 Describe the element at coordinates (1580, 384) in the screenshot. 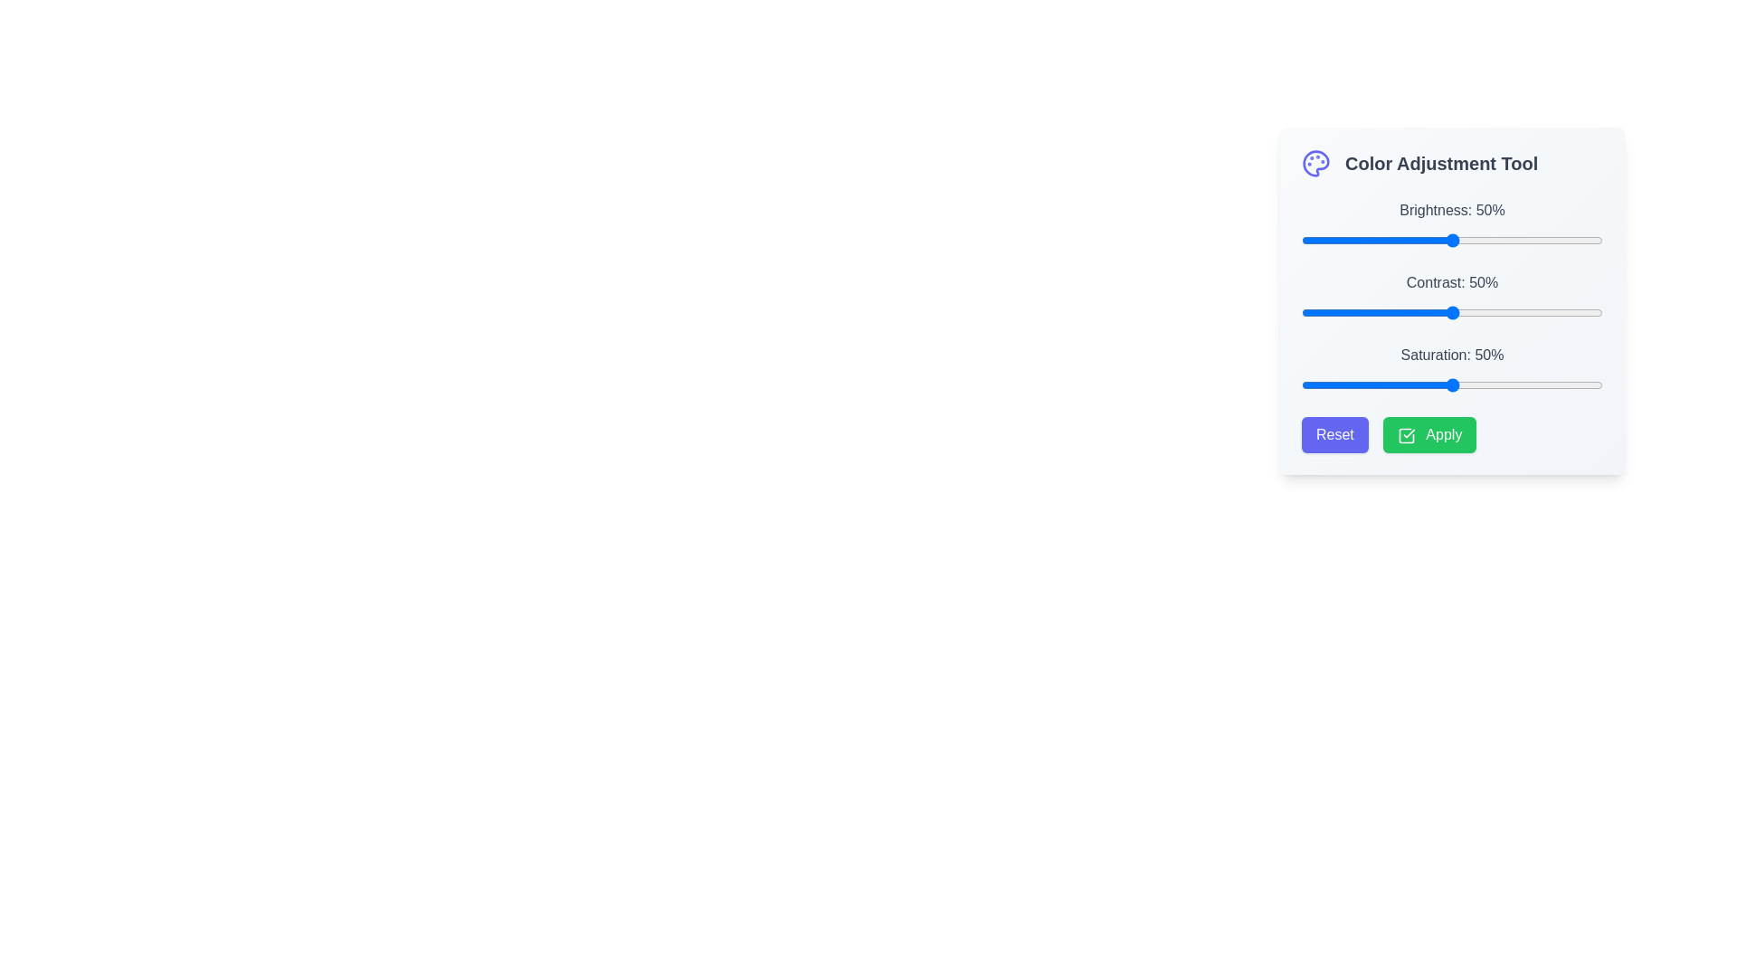

I see `the slider` at that location.